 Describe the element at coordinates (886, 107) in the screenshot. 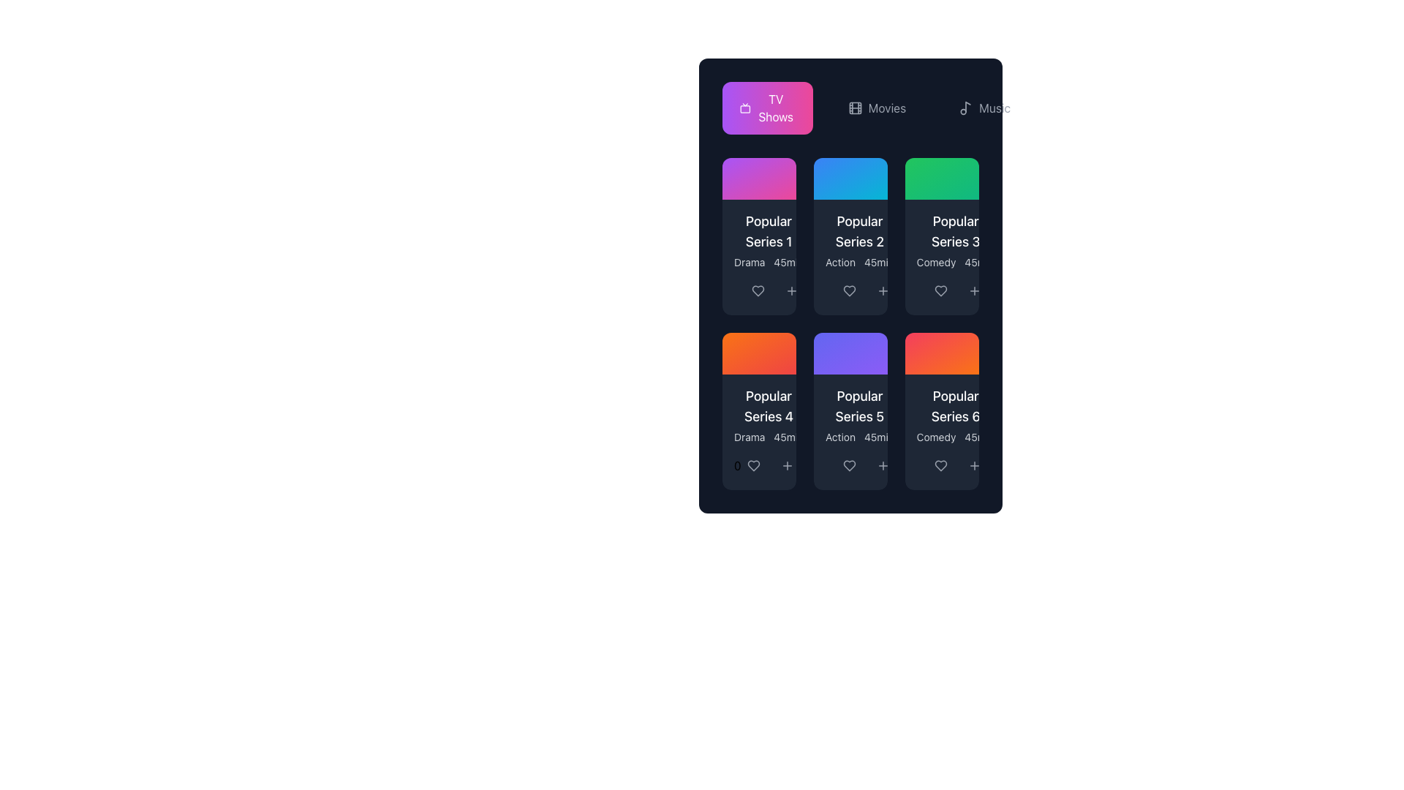

I see `the 'Movies' label located in the top-right menu, between 'TV Shows' and 'Music'` at that location.